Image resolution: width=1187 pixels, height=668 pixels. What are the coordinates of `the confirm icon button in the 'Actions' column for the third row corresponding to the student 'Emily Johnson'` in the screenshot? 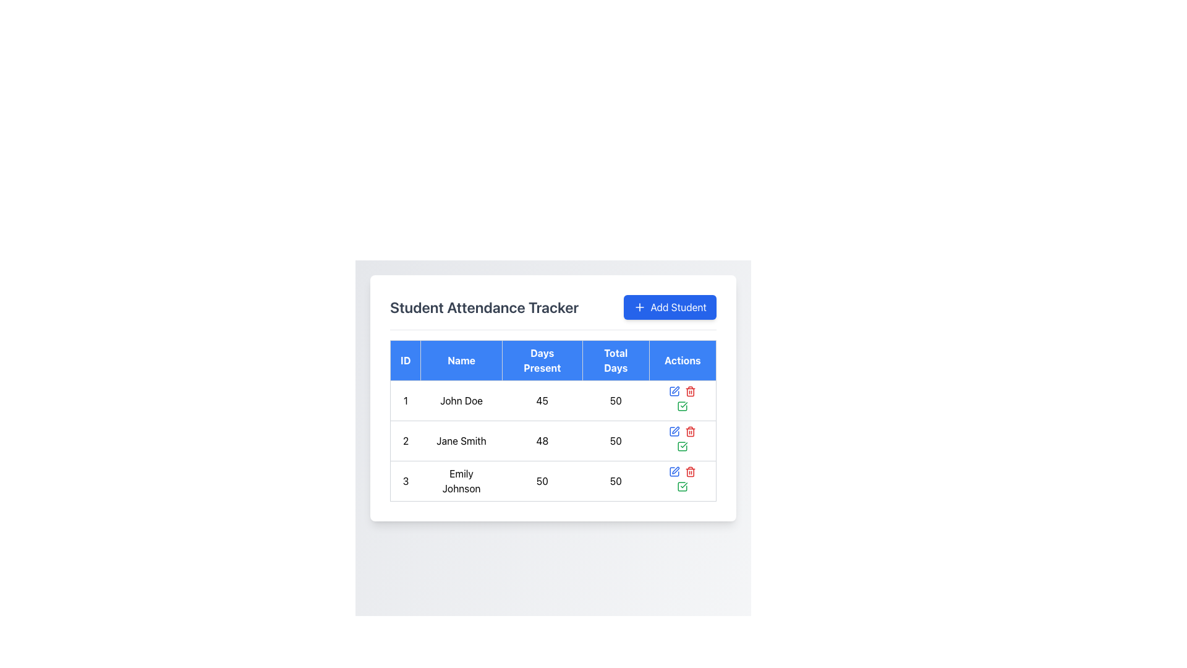 It's located at (682, 406).